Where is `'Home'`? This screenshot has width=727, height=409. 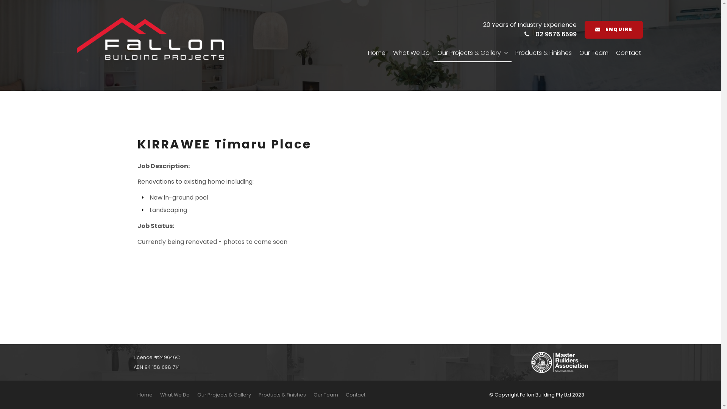 'Home' is located at coordinates (145, 394).